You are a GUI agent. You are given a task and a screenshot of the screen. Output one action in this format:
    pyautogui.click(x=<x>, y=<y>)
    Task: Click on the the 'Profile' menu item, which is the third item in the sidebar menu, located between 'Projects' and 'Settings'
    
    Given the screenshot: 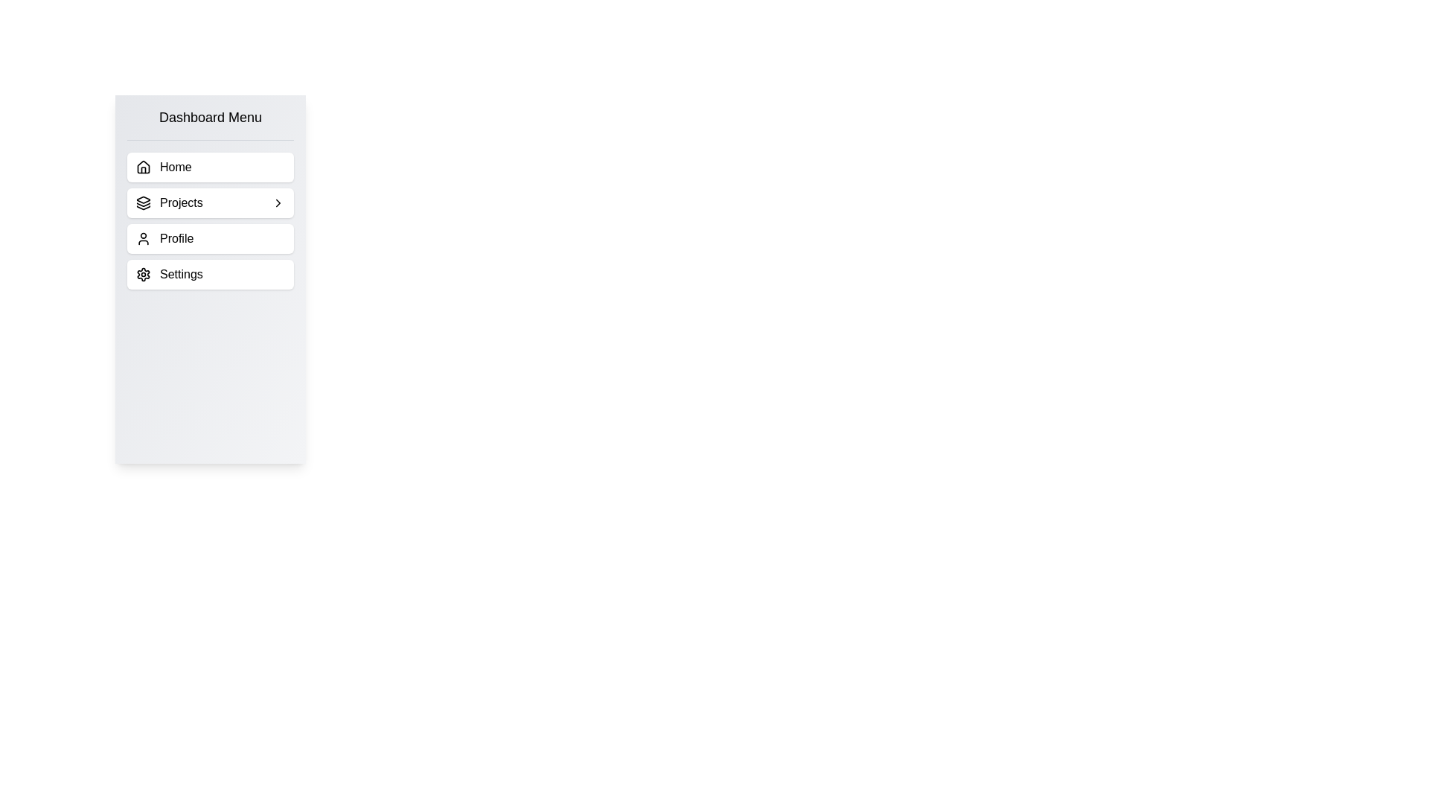 What is the action you would take?
    pyautogui.click(x=210, y=237)
    